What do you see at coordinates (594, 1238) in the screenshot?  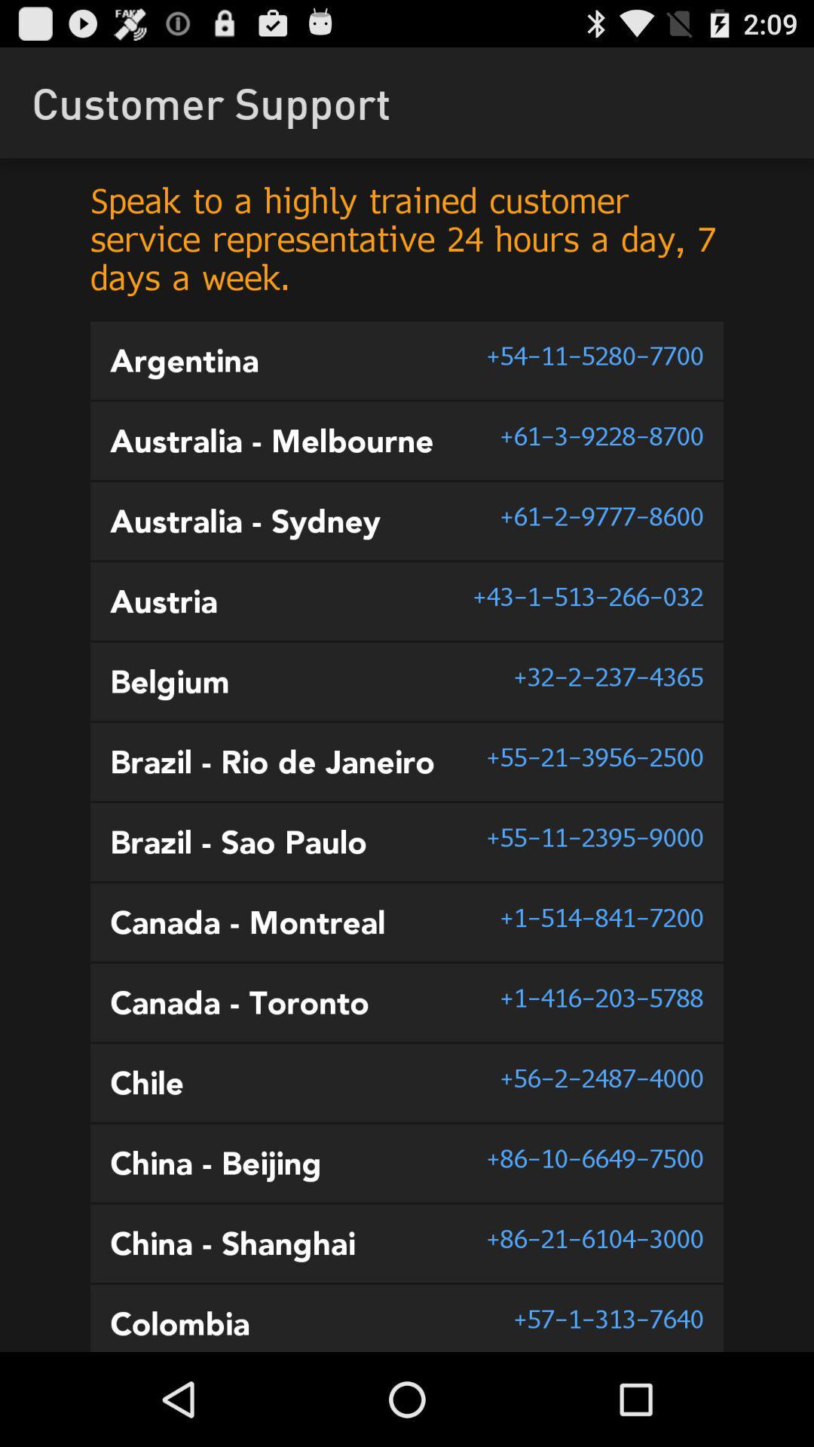 I see `icon above 57 1 313` at bounding box center [594, 1238].